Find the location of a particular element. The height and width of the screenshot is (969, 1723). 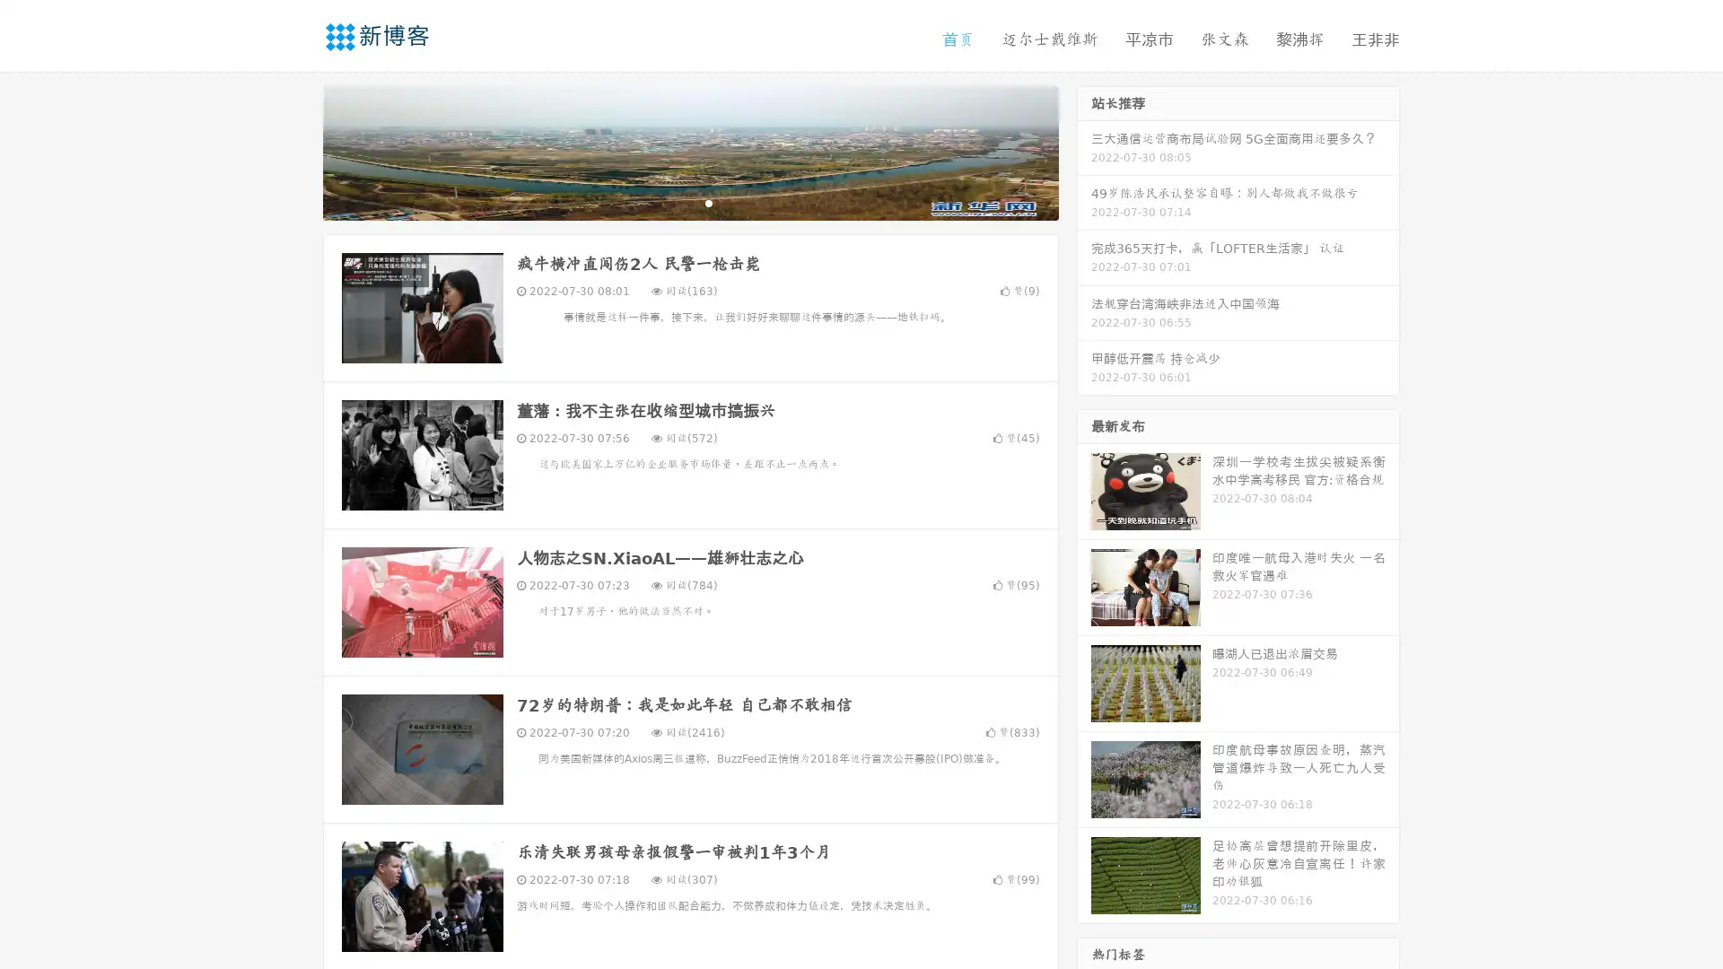

Previous slide is located at coordinates (296, 151).